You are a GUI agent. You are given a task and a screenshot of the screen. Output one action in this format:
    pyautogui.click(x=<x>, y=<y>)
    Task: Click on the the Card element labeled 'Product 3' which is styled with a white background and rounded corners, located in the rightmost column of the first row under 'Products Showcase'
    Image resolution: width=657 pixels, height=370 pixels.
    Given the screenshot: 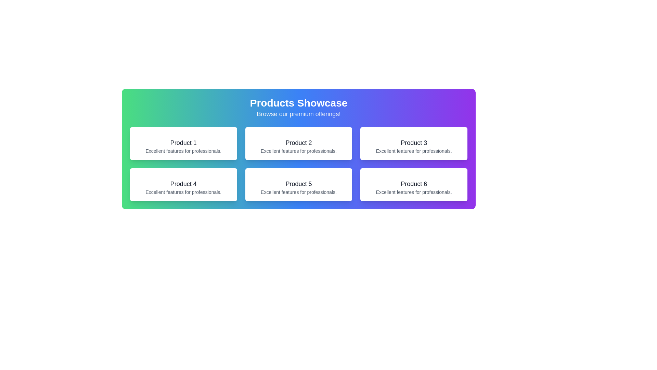 What is the action you would take?
    pyautogui.click(x=413, y=143)
    